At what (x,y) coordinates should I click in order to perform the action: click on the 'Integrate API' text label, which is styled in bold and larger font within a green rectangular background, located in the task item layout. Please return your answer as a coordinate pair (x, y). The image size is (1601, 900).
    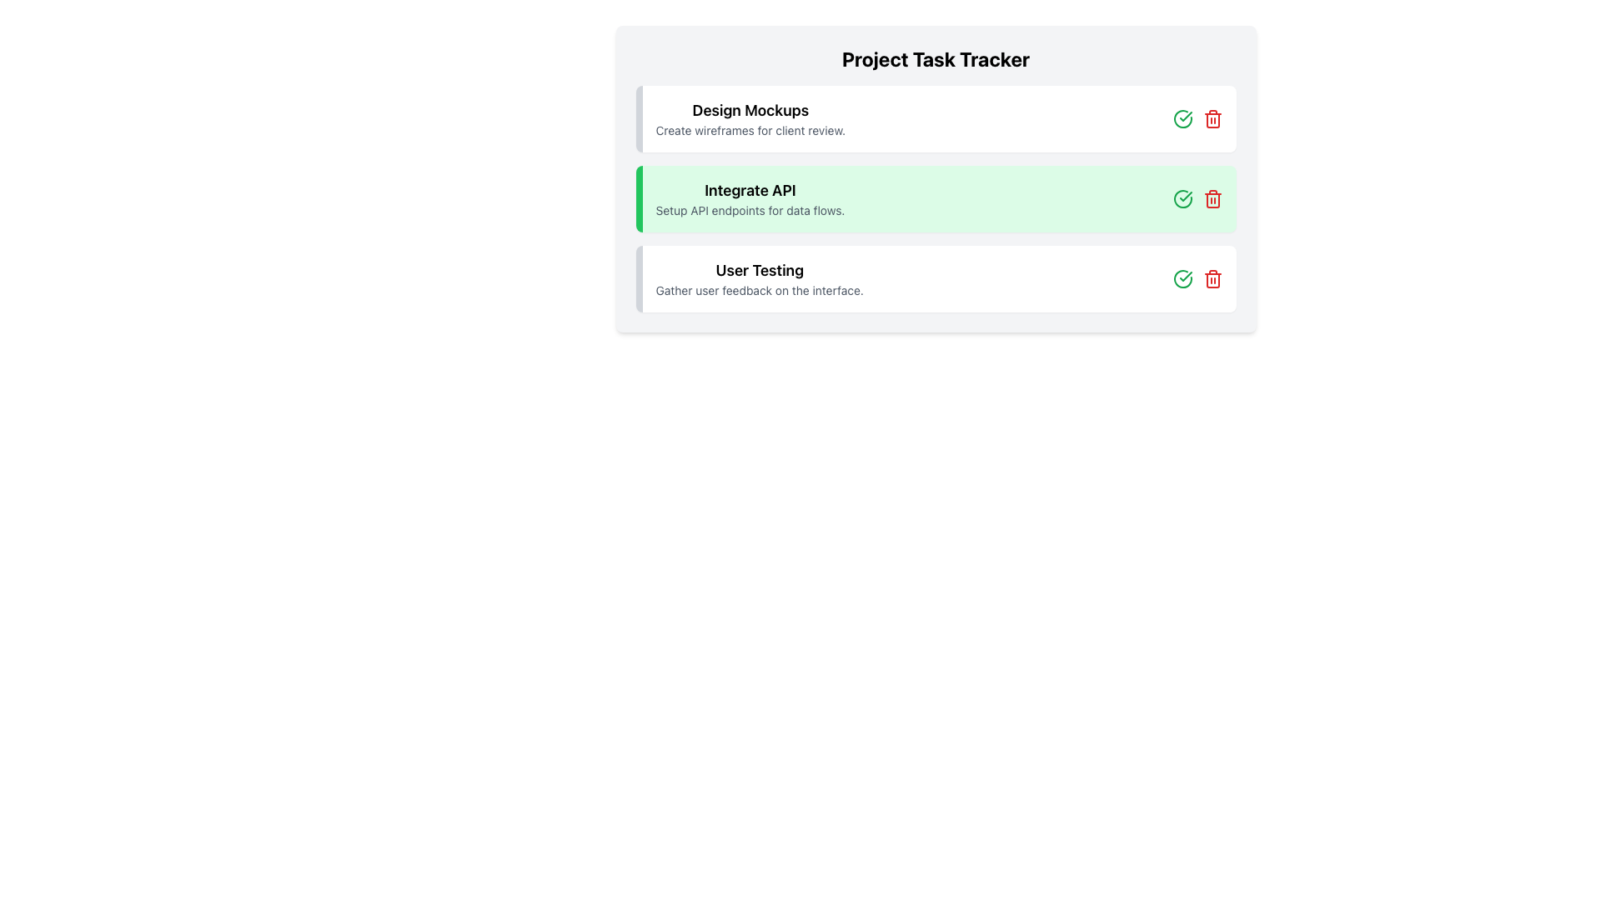
    Looking at the image, I should click on (749, 189).